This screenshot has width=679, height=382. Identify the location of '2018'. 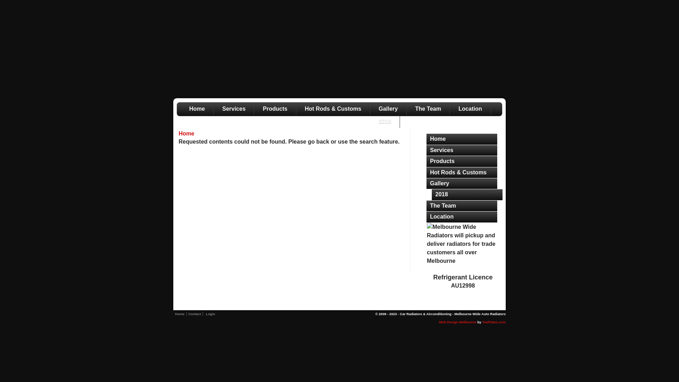
(467, 195).